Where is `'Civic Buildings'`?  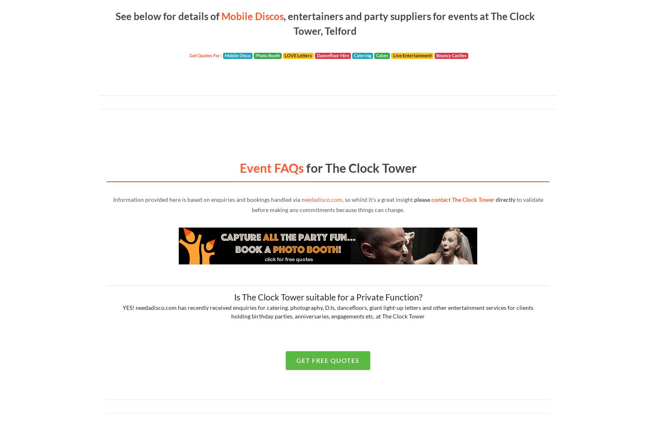
'Civic Buildings' is located at coordinates (107, 302).